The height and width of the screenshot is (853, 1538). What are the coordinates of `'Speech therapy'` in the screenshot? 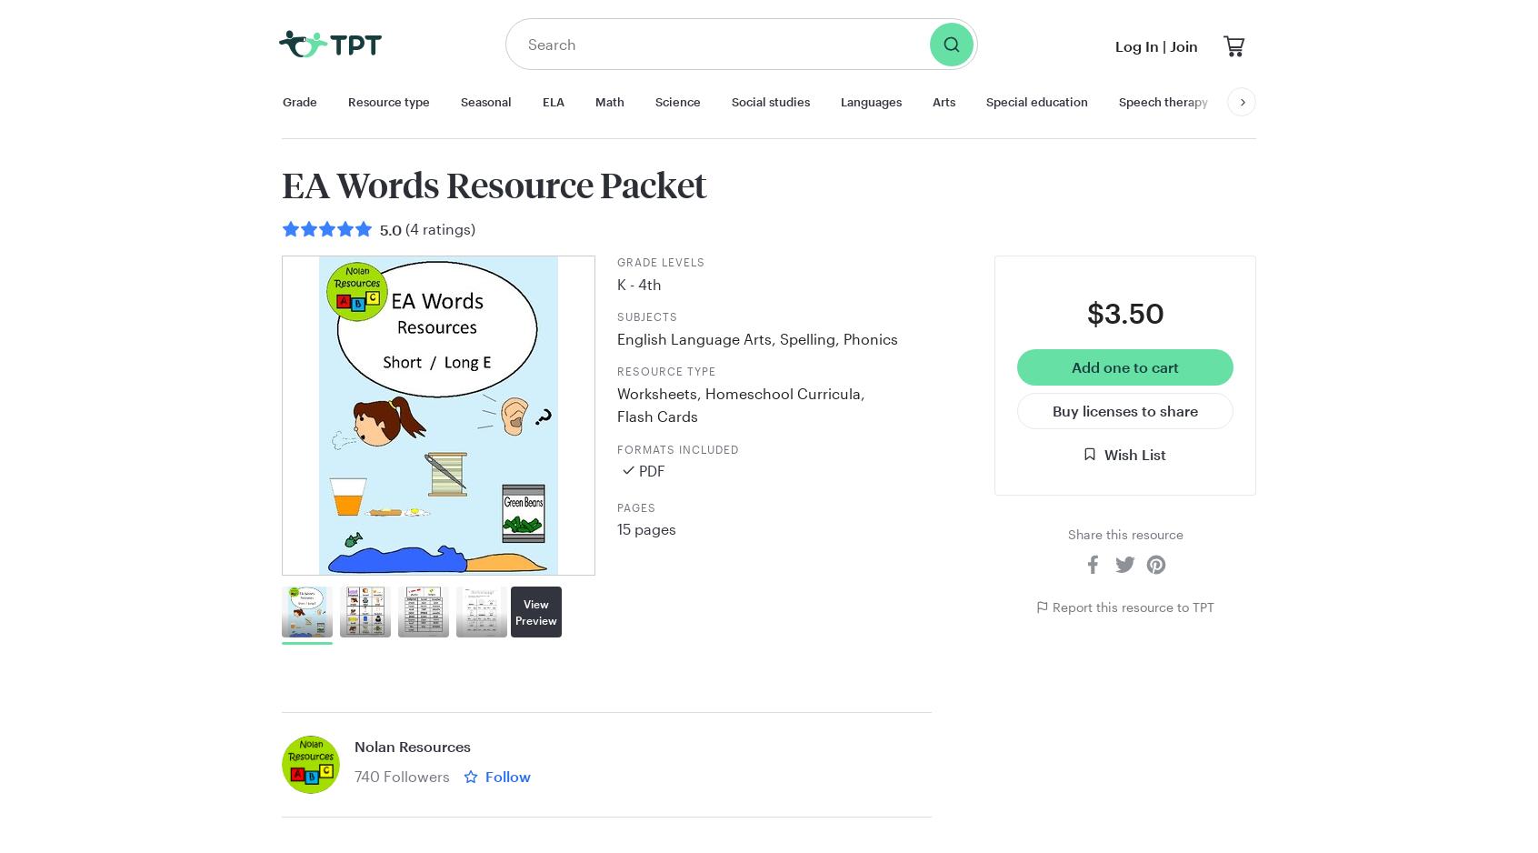 It's located at (1162, 100).